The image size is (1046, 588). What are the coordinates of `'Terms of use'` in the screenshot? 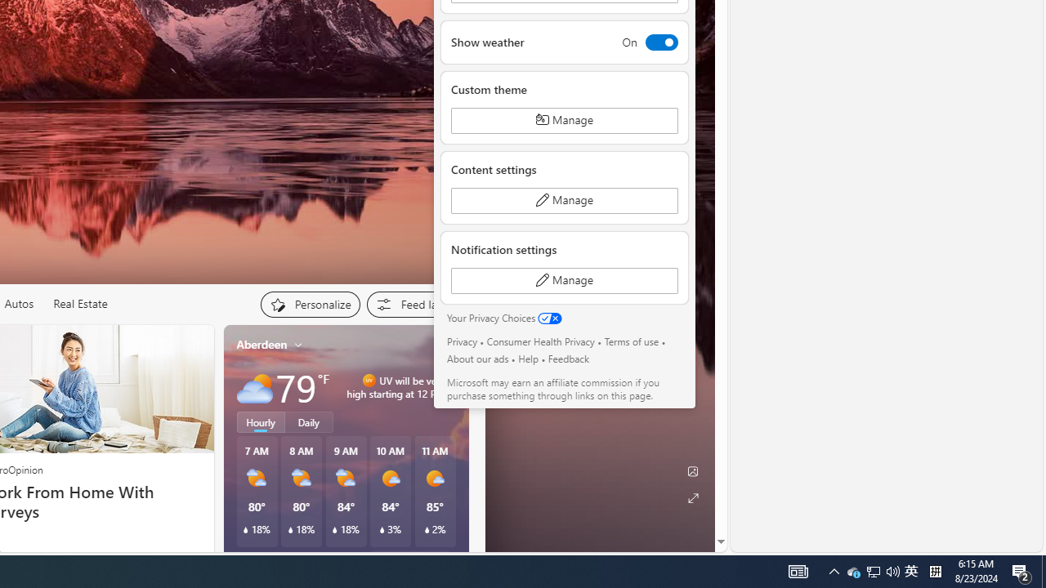 It's located at (630, 340).